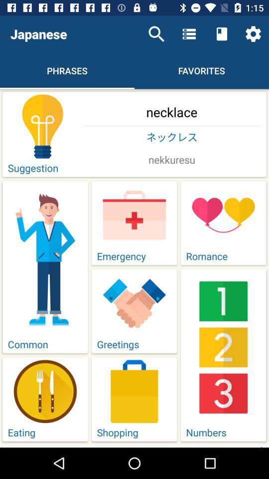 This screenshot has width=269, height=479. What do you see at coordinates (156, 34) in the screenshot?
I see `item above the necklace` at bounding box center [156, 34].